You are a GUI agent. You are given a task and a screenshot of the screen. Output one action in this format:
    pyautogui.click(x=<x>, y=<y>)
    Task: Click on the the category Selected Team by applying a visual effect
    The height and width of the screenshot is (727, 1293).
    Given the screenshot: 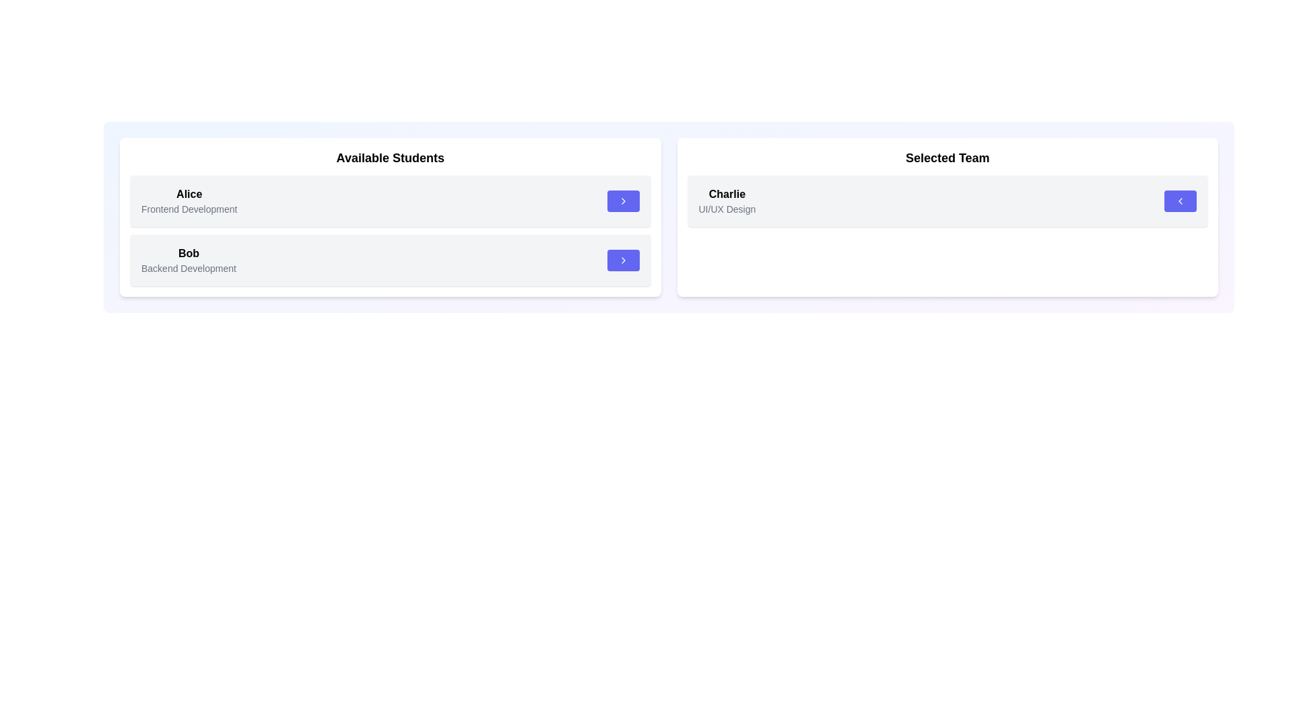 What is the action you would take?
    pyautogui.click(x=947, y=158)
    